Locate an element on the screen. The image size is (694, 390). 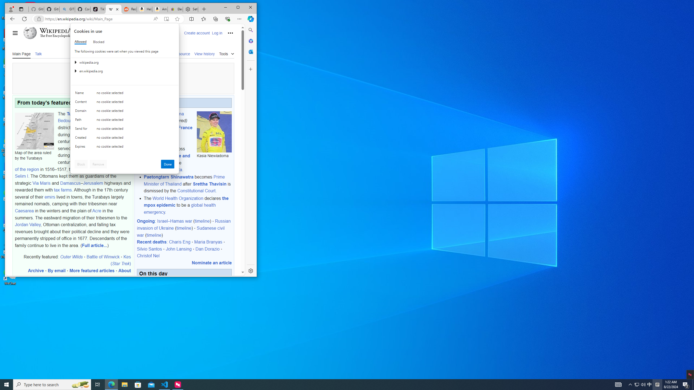
'Notification Chevron' is located at coordinates (637, 384).